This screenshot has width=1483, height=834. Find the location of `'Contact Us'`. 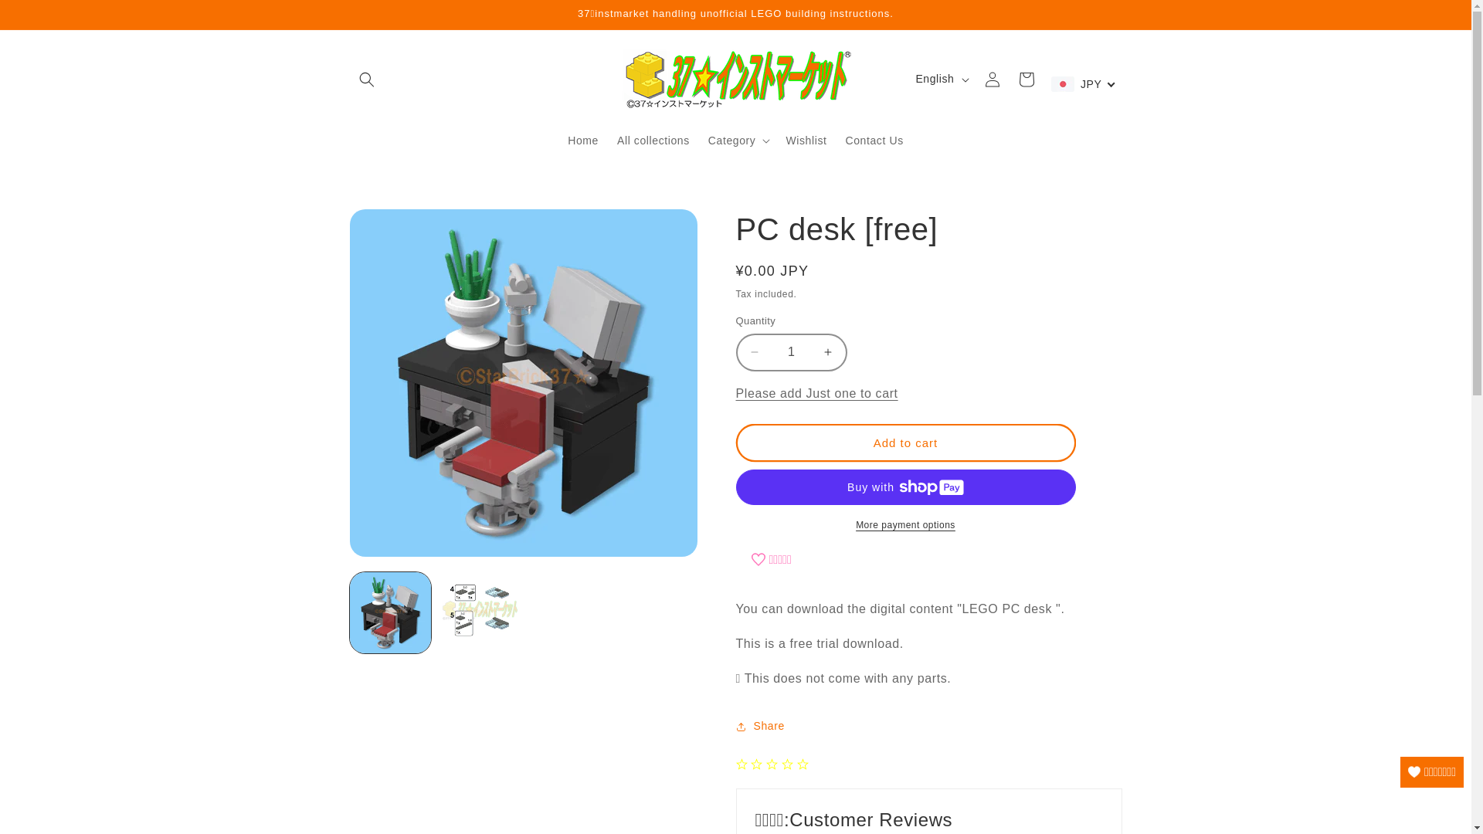

'Contact Us' is located at coordinates (874, 140).